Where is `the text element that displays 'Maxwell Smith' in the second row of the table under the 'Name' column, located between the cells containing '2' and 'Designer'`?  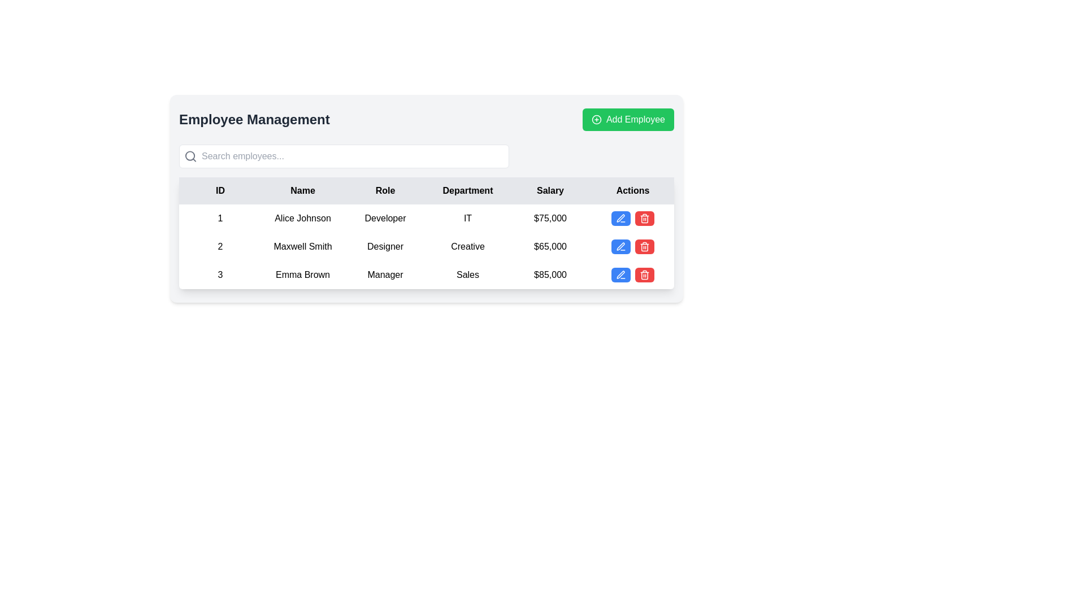
the text element that displays 'Maxwell Smith' in the second row of the table under the 'Name' column, located between the cells containing '2' and 'Designer' is located at coordinates (303, 246).